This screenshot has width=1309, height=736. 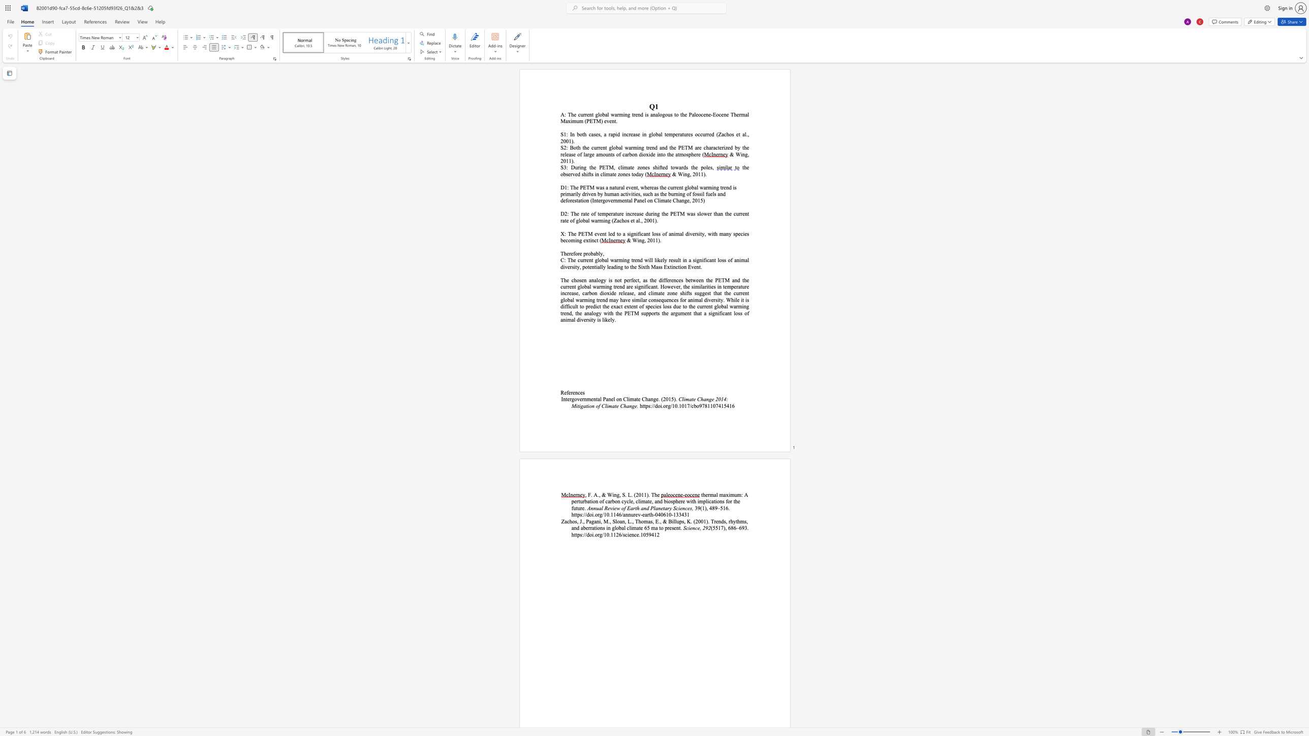 What do you see at coordinates (674, 134) in the screenshot?
I see `the 2th character "p" in the text` at bounding box center [674, 134].